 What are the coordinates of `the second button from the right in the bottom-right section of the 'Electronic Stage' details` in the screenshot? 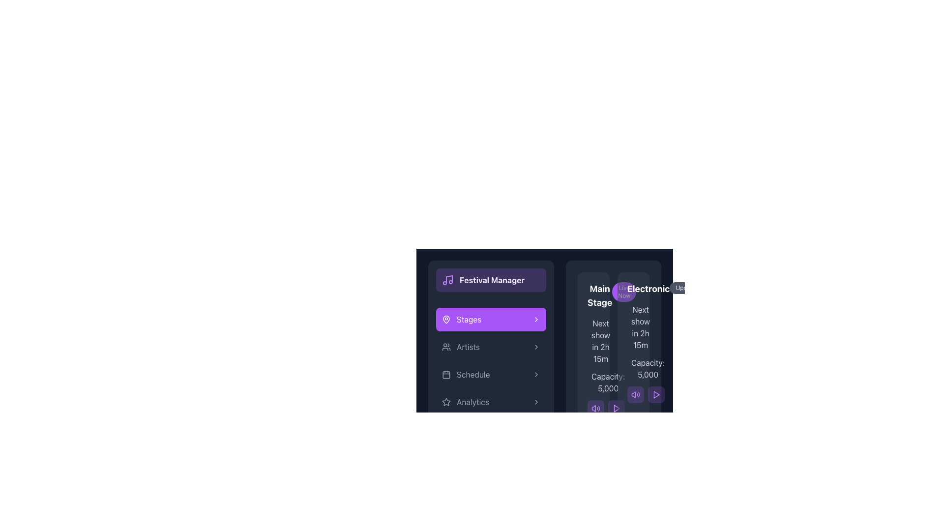 It's located at (616, 408).